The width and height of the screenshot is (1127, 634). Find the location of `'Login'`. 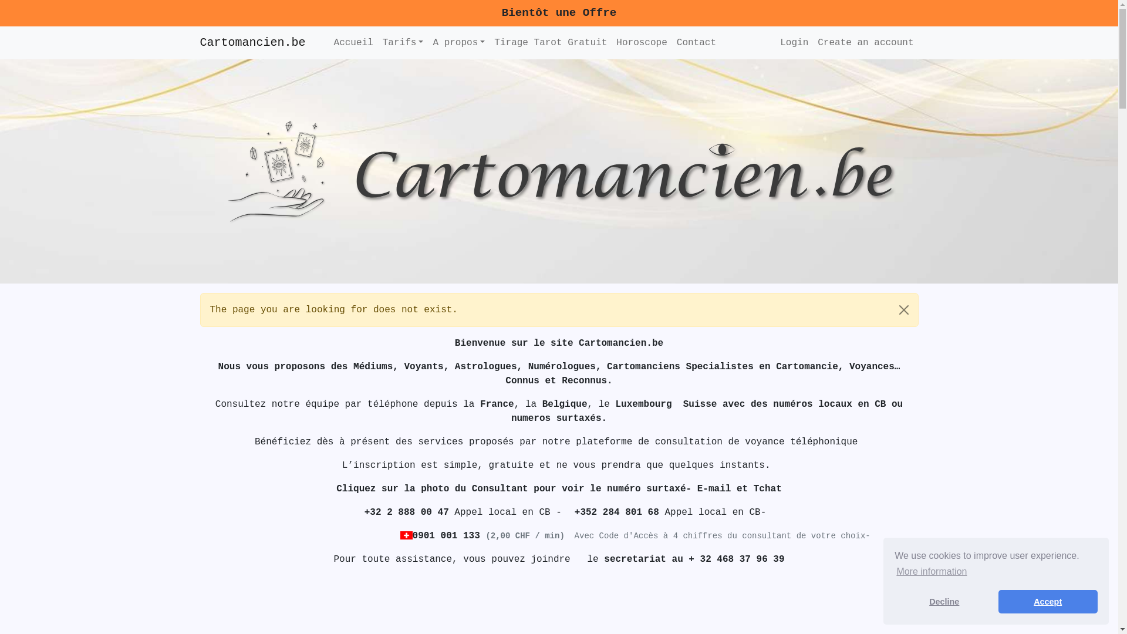

'Login' is located at coordinates (794, 42).